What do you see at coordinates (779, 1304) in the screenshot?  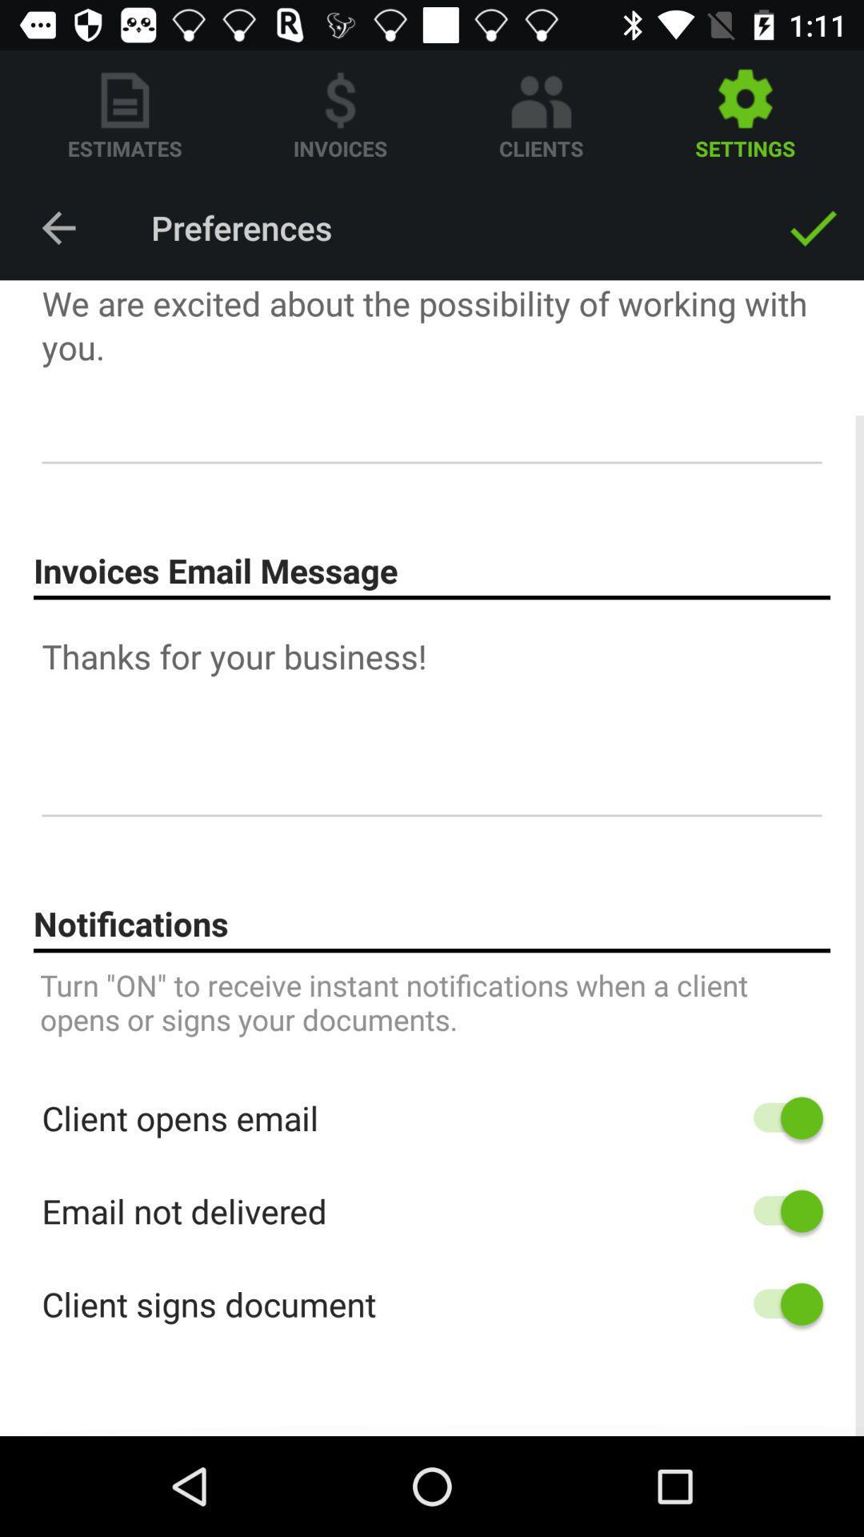 I see `setting` at bounding box center [779, 1304].